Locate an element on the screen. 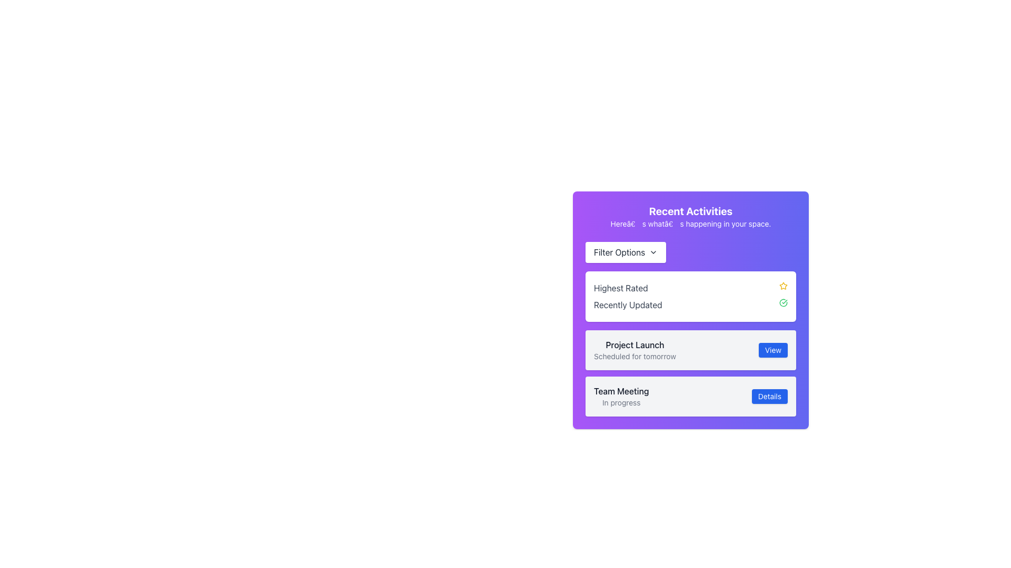 The width and height of the screenshot is (1011, 568). the icon indicating the expandability of the 'Filter Options' button, located at the right end of the button on the purple card titled 'Recent Activities' is located at coordinates (653, 252).